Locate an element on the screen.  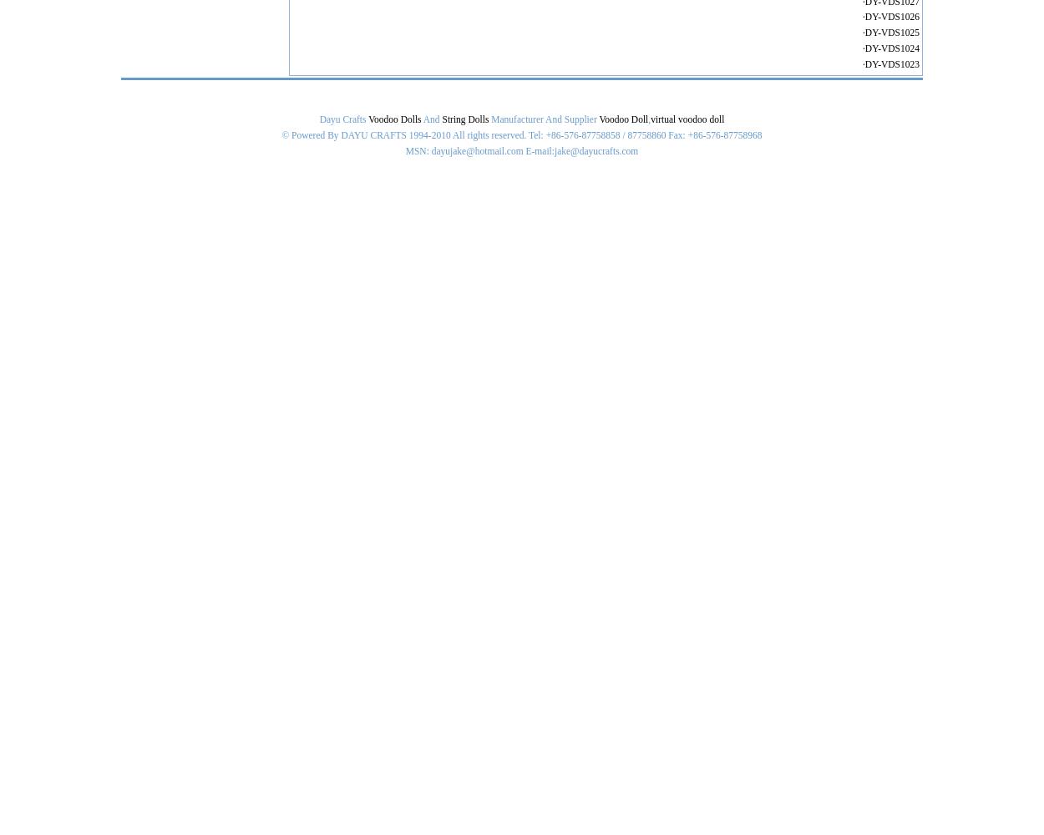
'DY-VDS1026' is located at coordinates (891, 17).